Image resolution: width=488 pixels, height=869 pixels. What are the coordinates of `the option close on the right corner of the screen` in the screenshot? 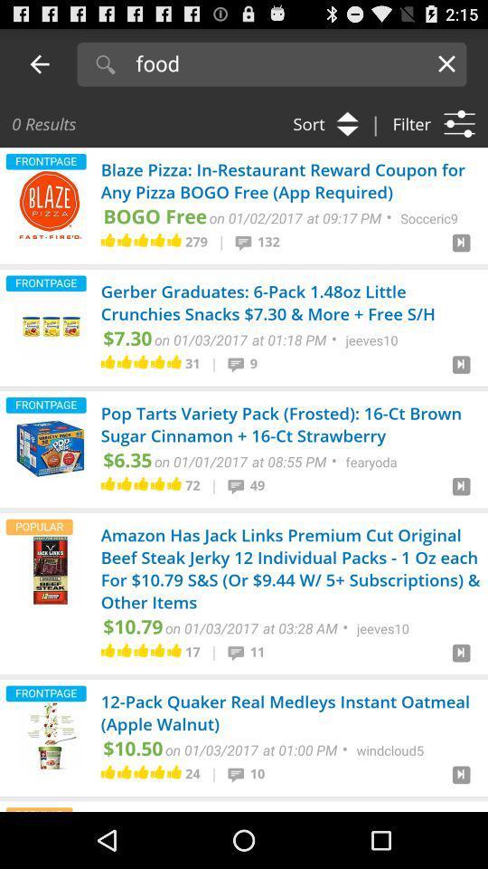 It's located at (446, 62).